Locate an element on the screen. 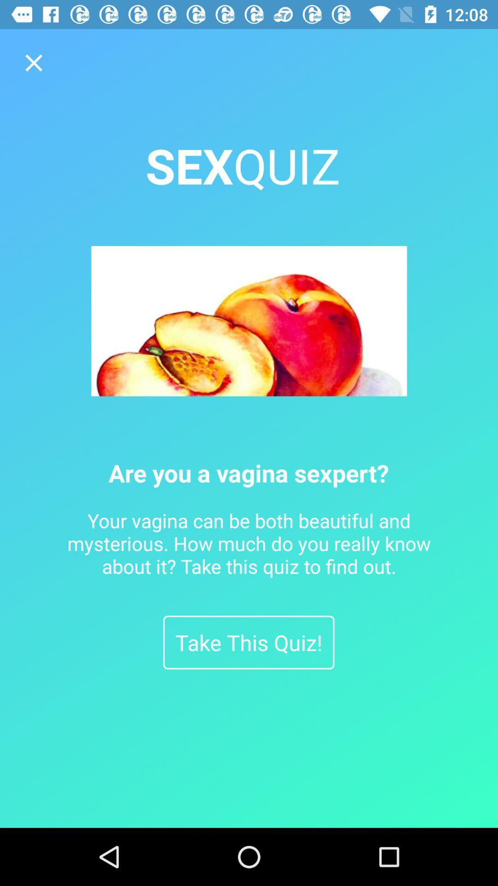 This screenshot has height=886, width=498. the icon at the top left corner is located at coordinates (33, 62).